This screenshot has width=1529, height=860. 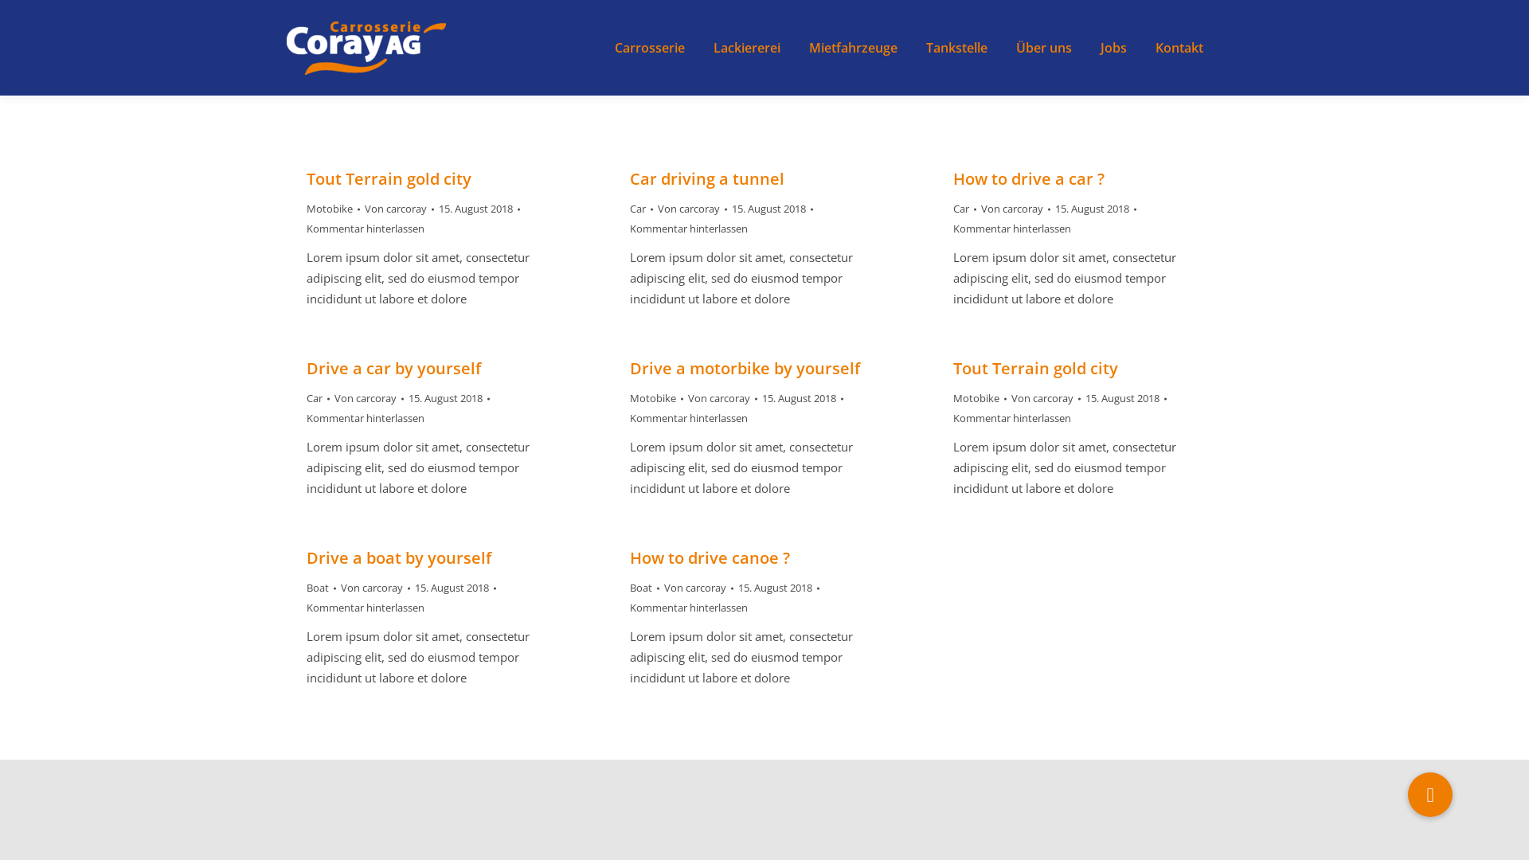 I want to click on 'Kommentar hinterlassen', so click(x=365, y=229).